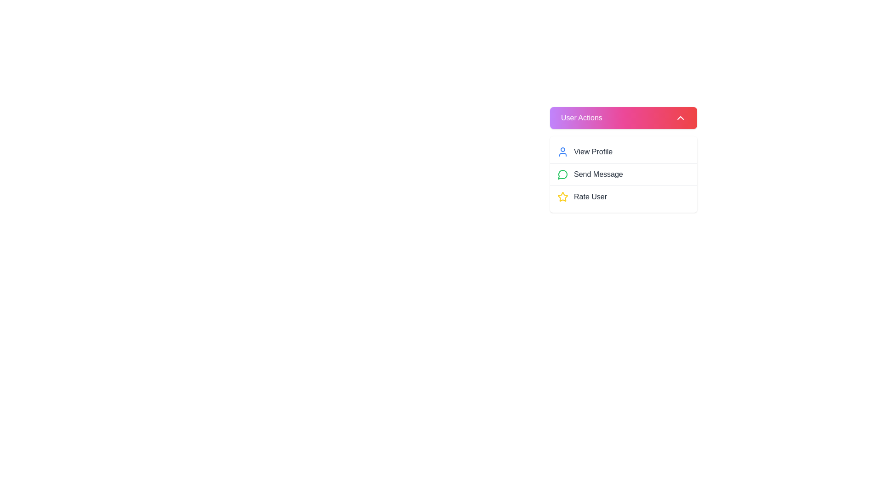 This screenshot has width=883, height=496. Describe the element at coordinates (562, 196) in the screenshot. I see `the Decorative Icon related to the 'Rate User' menu option, located near the bottom-right section of the menu` at that location.